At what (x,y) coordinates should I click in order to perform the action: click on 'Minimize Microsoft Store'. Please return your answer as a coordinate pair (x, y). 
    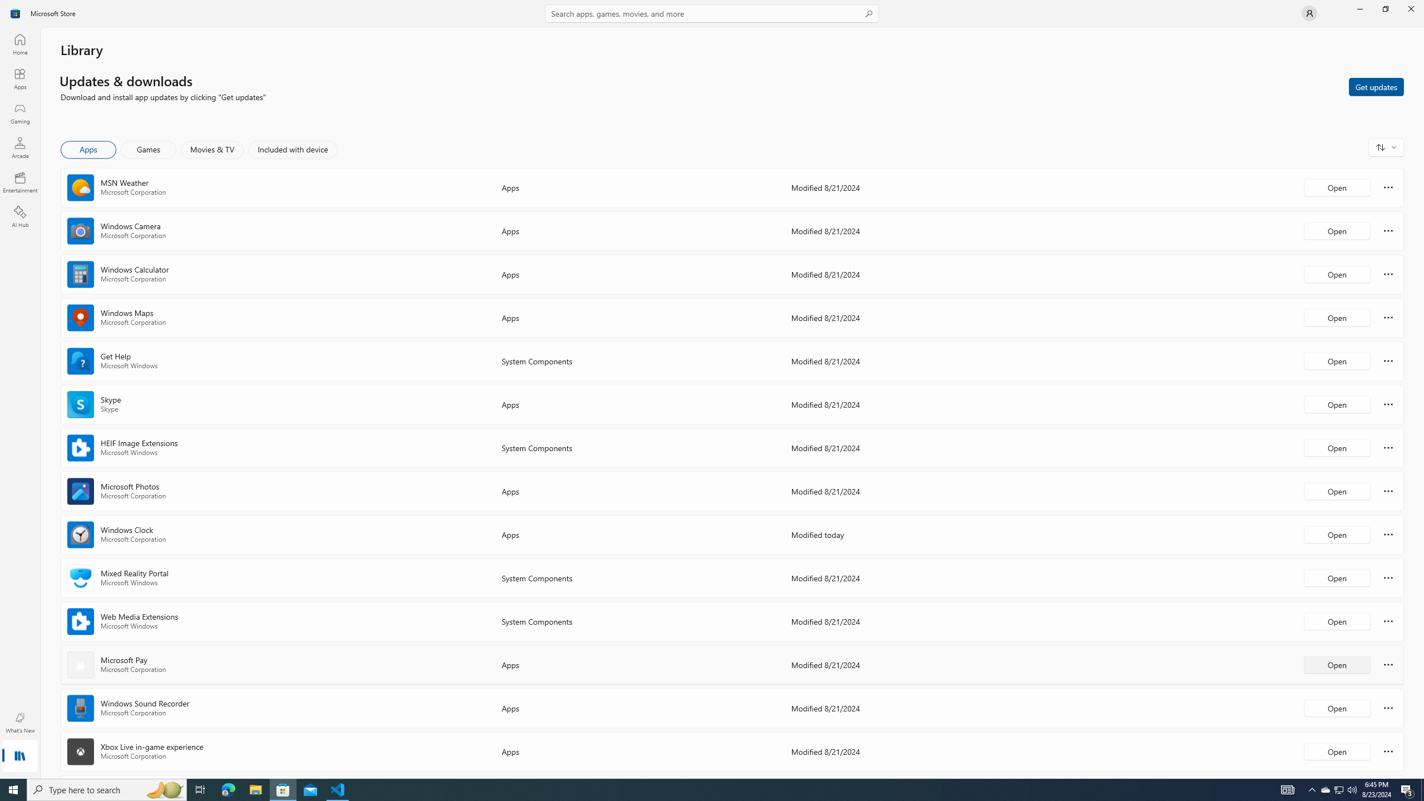
    Looking at the image, I should click on (1359, 8).